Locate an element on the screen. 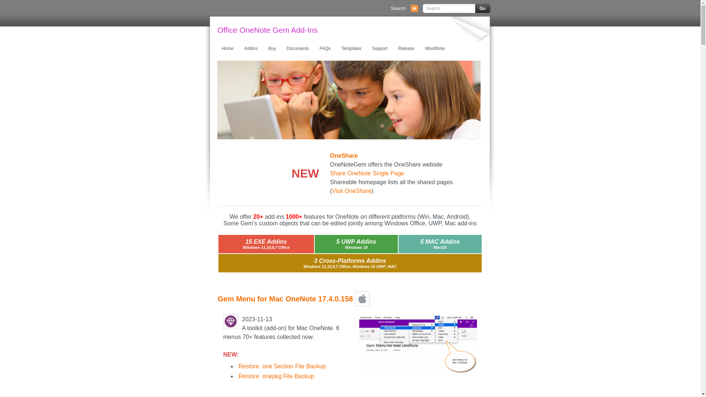 This screenshot has height=397, width=706. 'Buy' is located at coordinates (271, 48).